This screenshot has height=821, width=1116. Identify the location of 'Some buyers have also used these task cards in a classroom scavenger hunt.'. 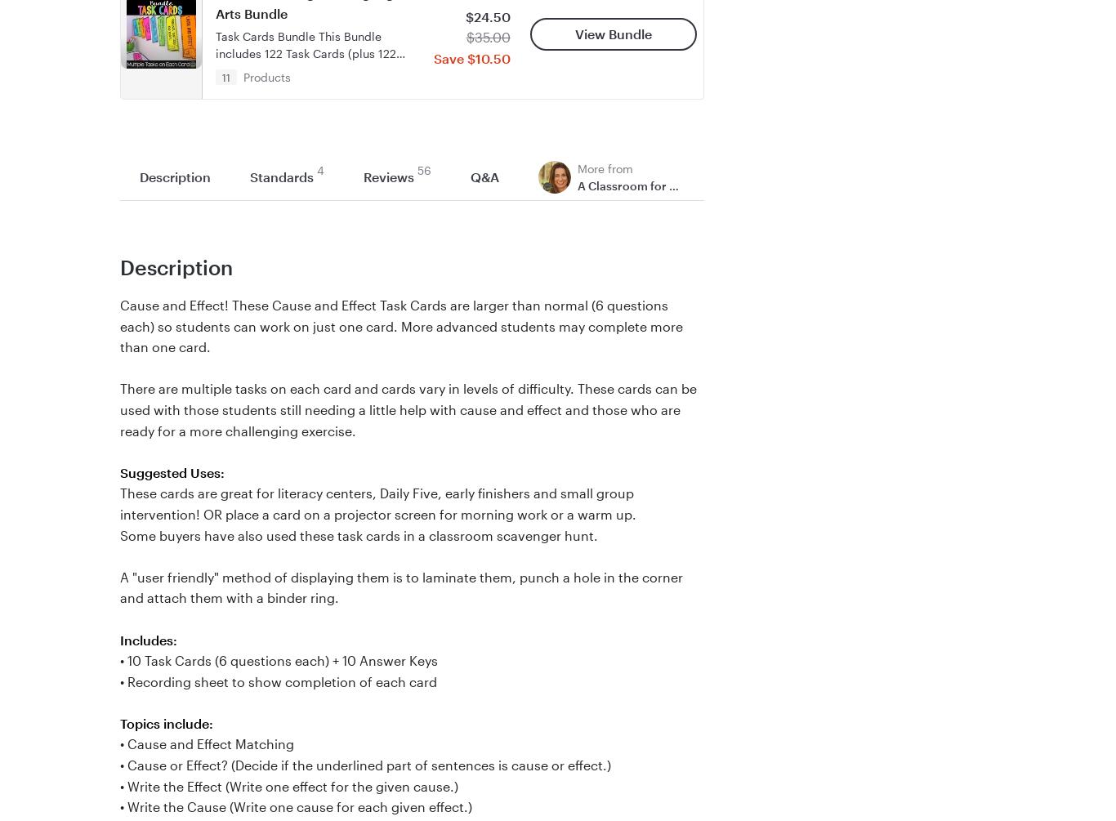
(118, 533).